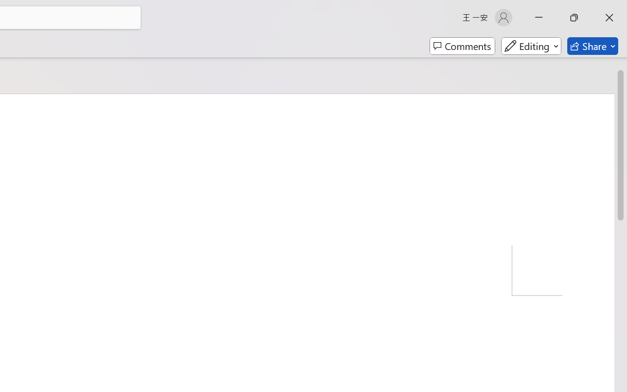 The image size is (627, 392). I want to click on 'Comments', so click(462, 46).